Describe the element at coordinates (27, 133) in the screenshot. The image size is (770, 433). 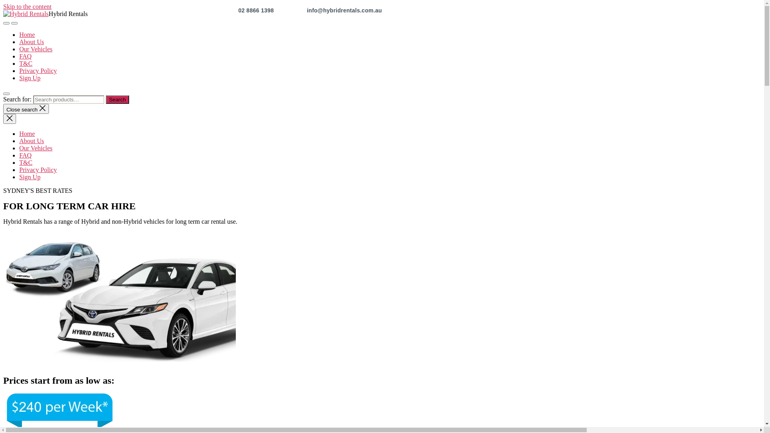
I see `'Home'` at that location.